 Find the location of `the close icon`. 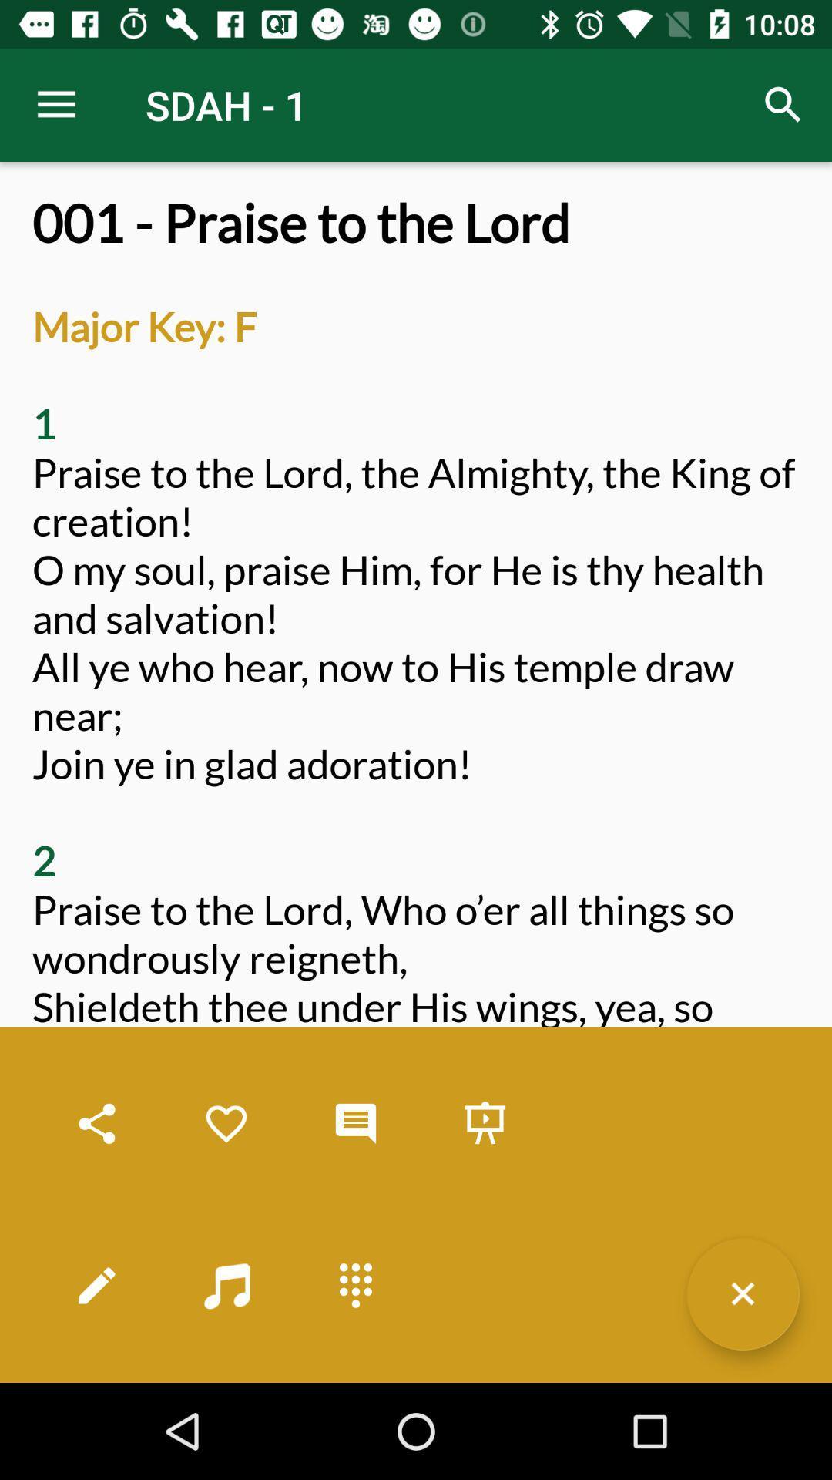

the close icon is located at coordinates (742, 1293).